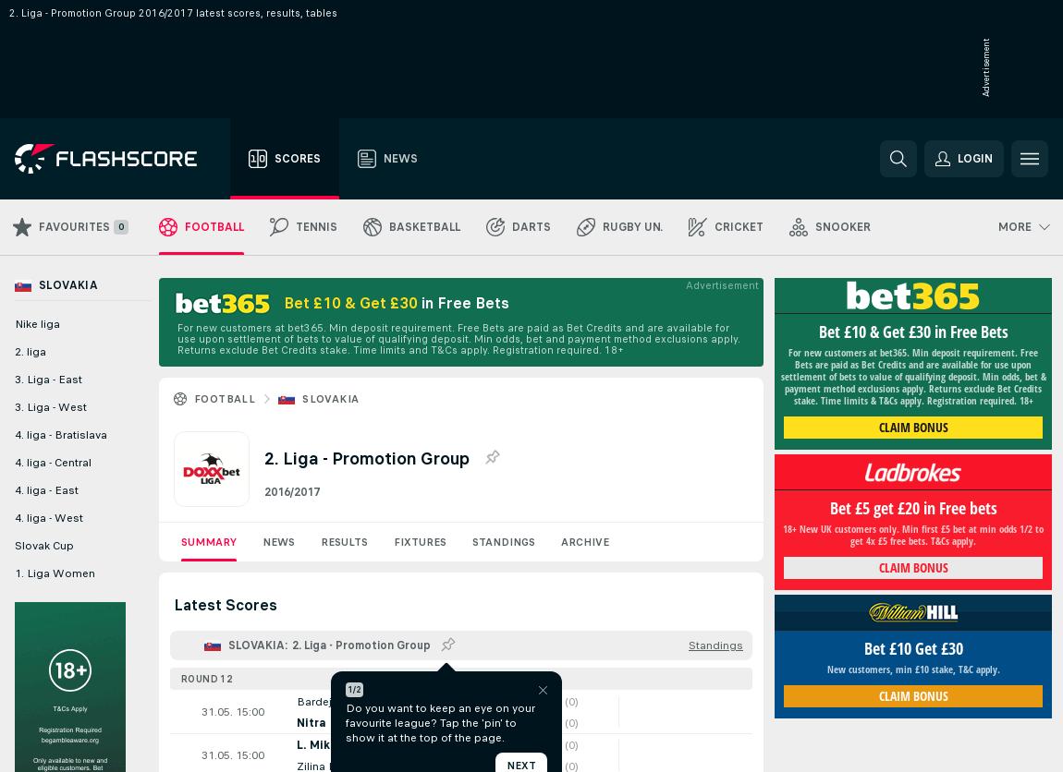 This screenshot has width=1063, height=772. I want to click on 'Rugby Un.', so click(631, 227).